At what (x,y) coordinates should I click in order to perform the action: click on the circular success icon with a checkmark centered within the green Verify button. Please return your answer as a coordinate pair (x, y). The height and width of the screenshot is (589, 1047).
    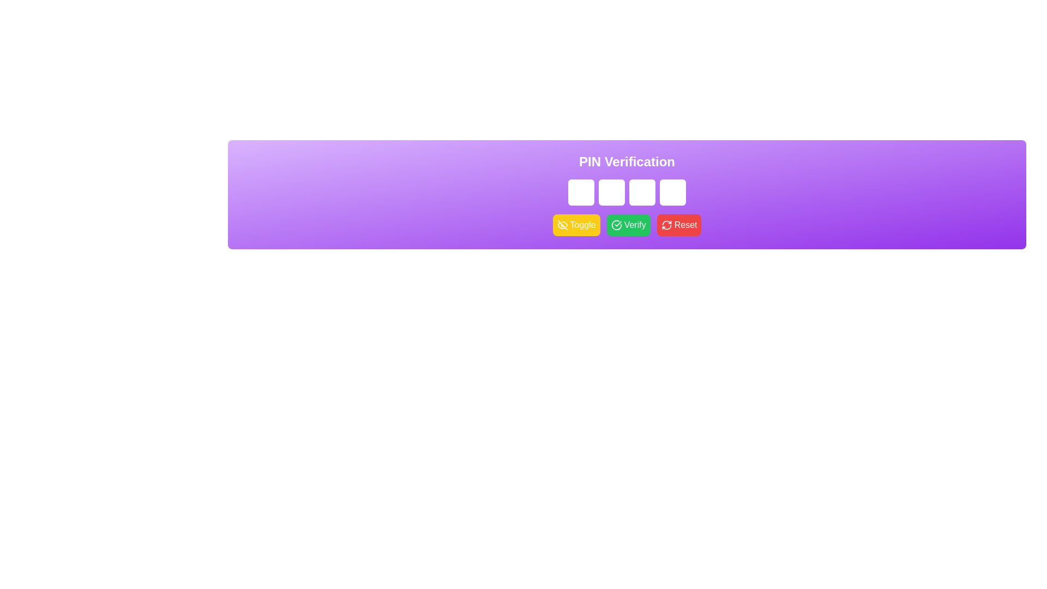
    Looking at the image, I should click on (616, 224).